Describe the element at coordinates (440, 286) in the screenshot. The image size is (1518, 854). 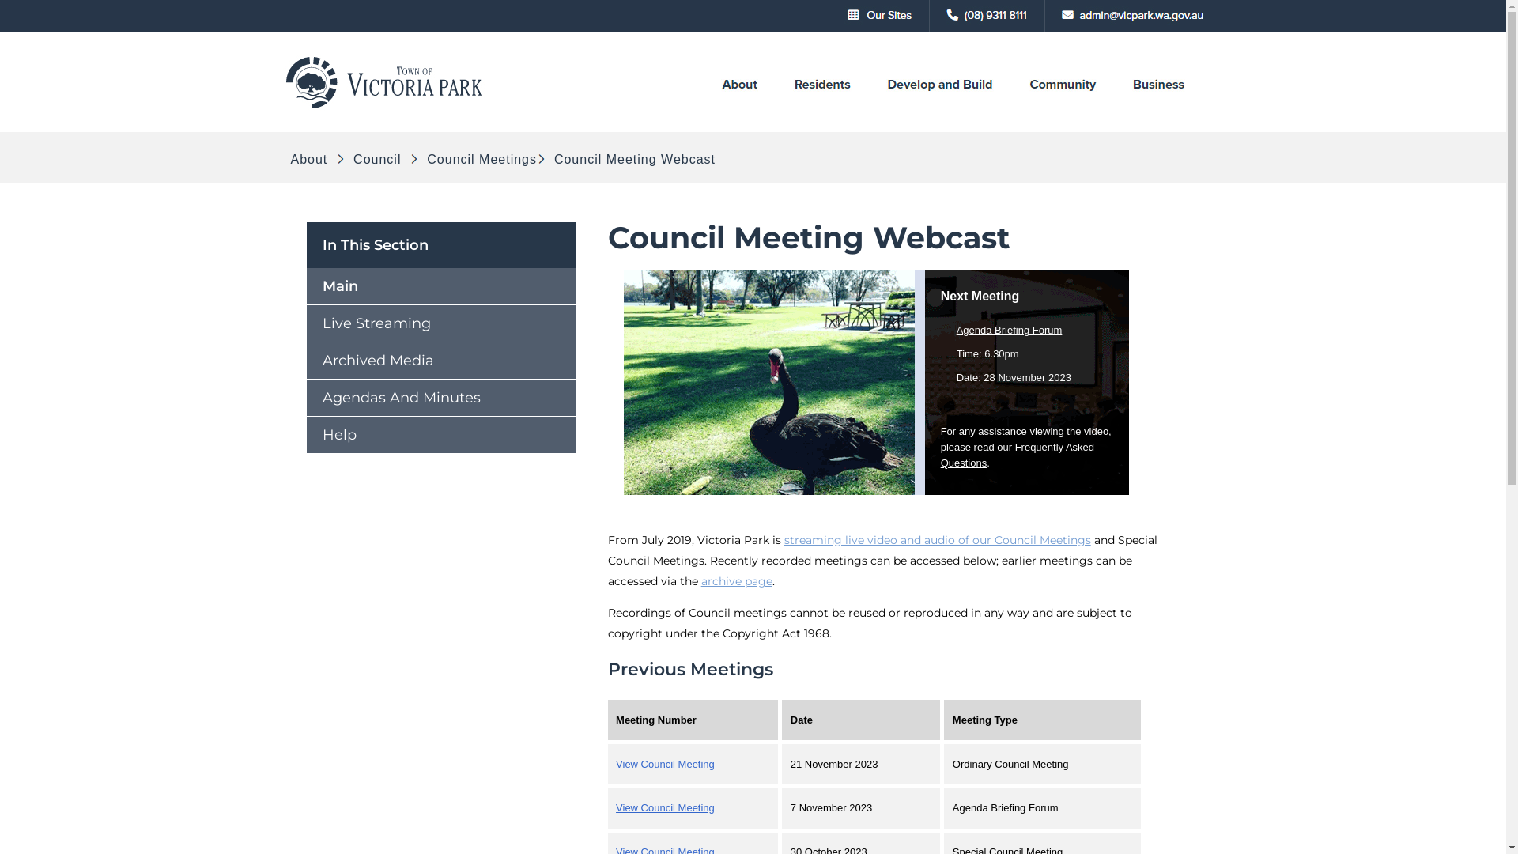
I see `'Main'` at that location.